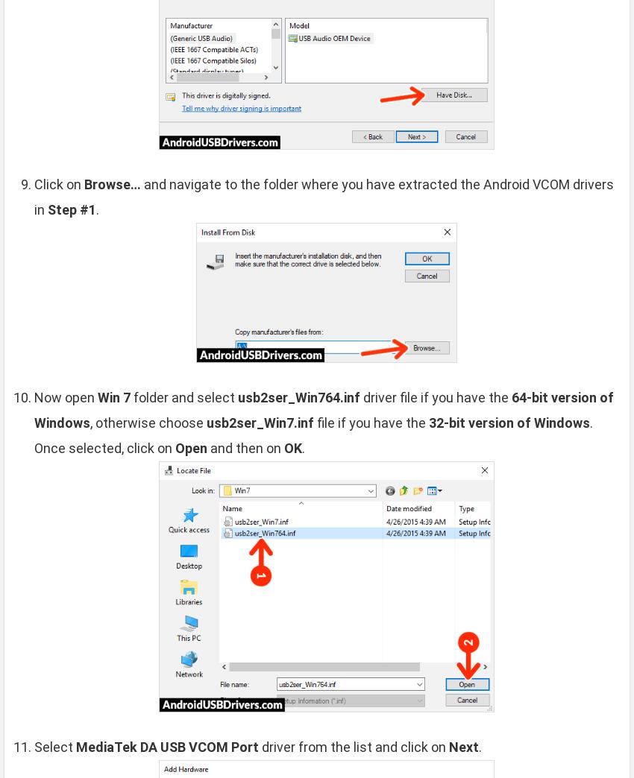 This screenshot has width=634, height=778. I want to click on 'usb2ser_Win764.inf', so click(299, 396).